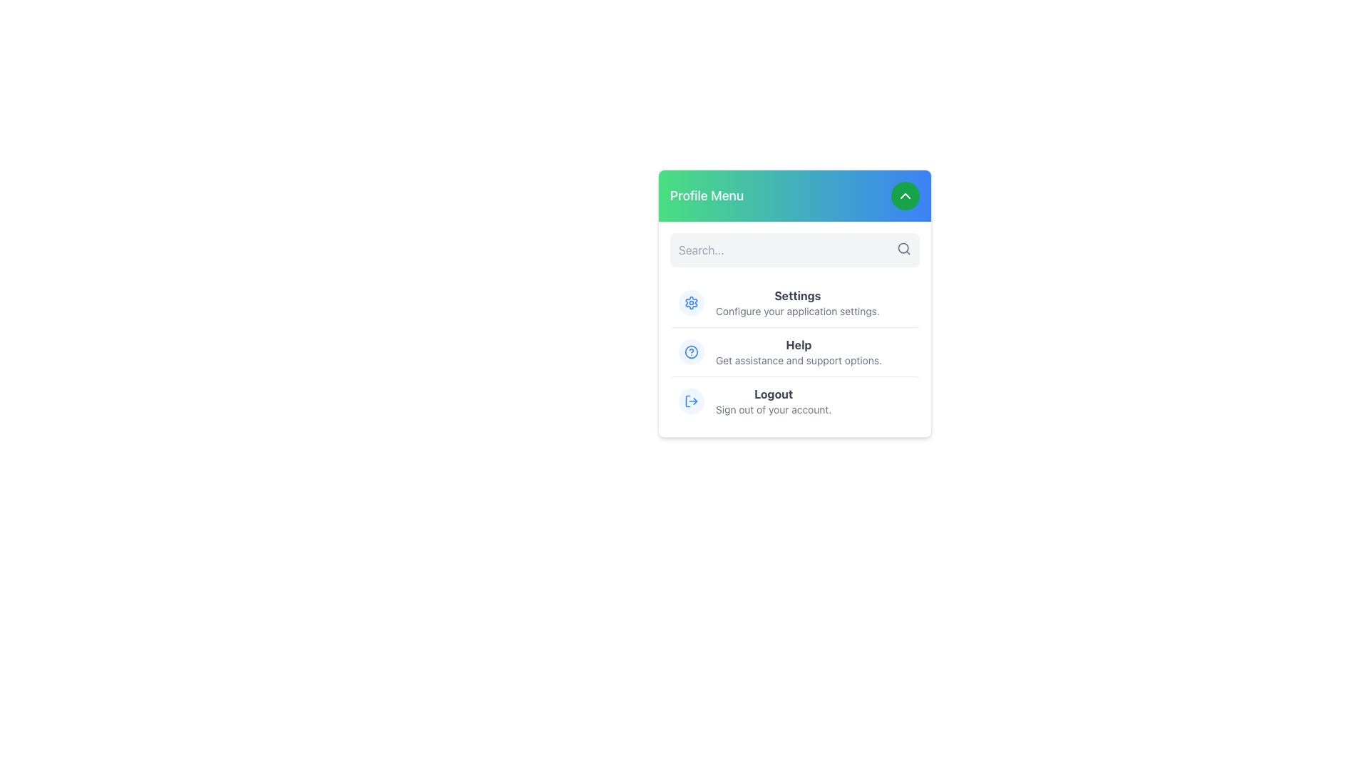 Image resolution: width=1369 pixels, height=770 pixels. I want to click on the first menu item in the dropdown menu below the search bar, so click(794, 302).